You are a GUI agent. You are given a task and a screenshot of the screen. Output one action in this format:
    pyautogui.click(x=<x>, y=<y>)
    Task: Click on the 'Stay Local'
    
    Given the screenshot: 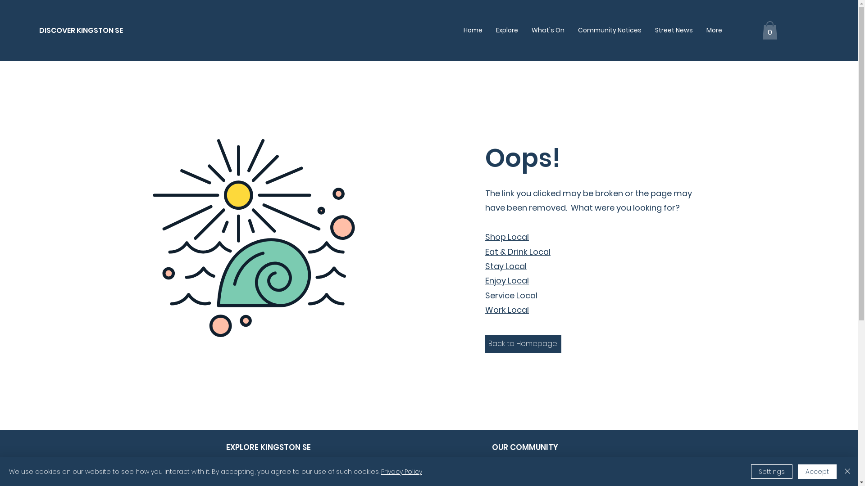 What is the action you would take?
    pyautogui.click(x=484, y=265)
    